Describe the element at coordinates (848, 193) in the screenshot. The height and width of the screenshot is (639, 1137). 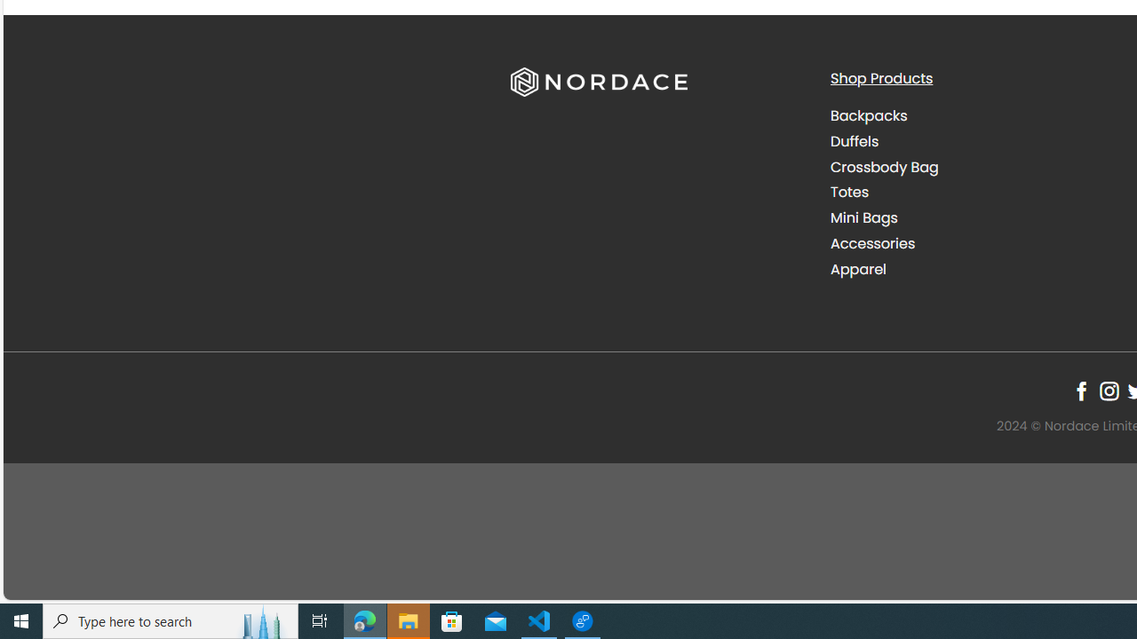
I see `'Totes'` at that location.